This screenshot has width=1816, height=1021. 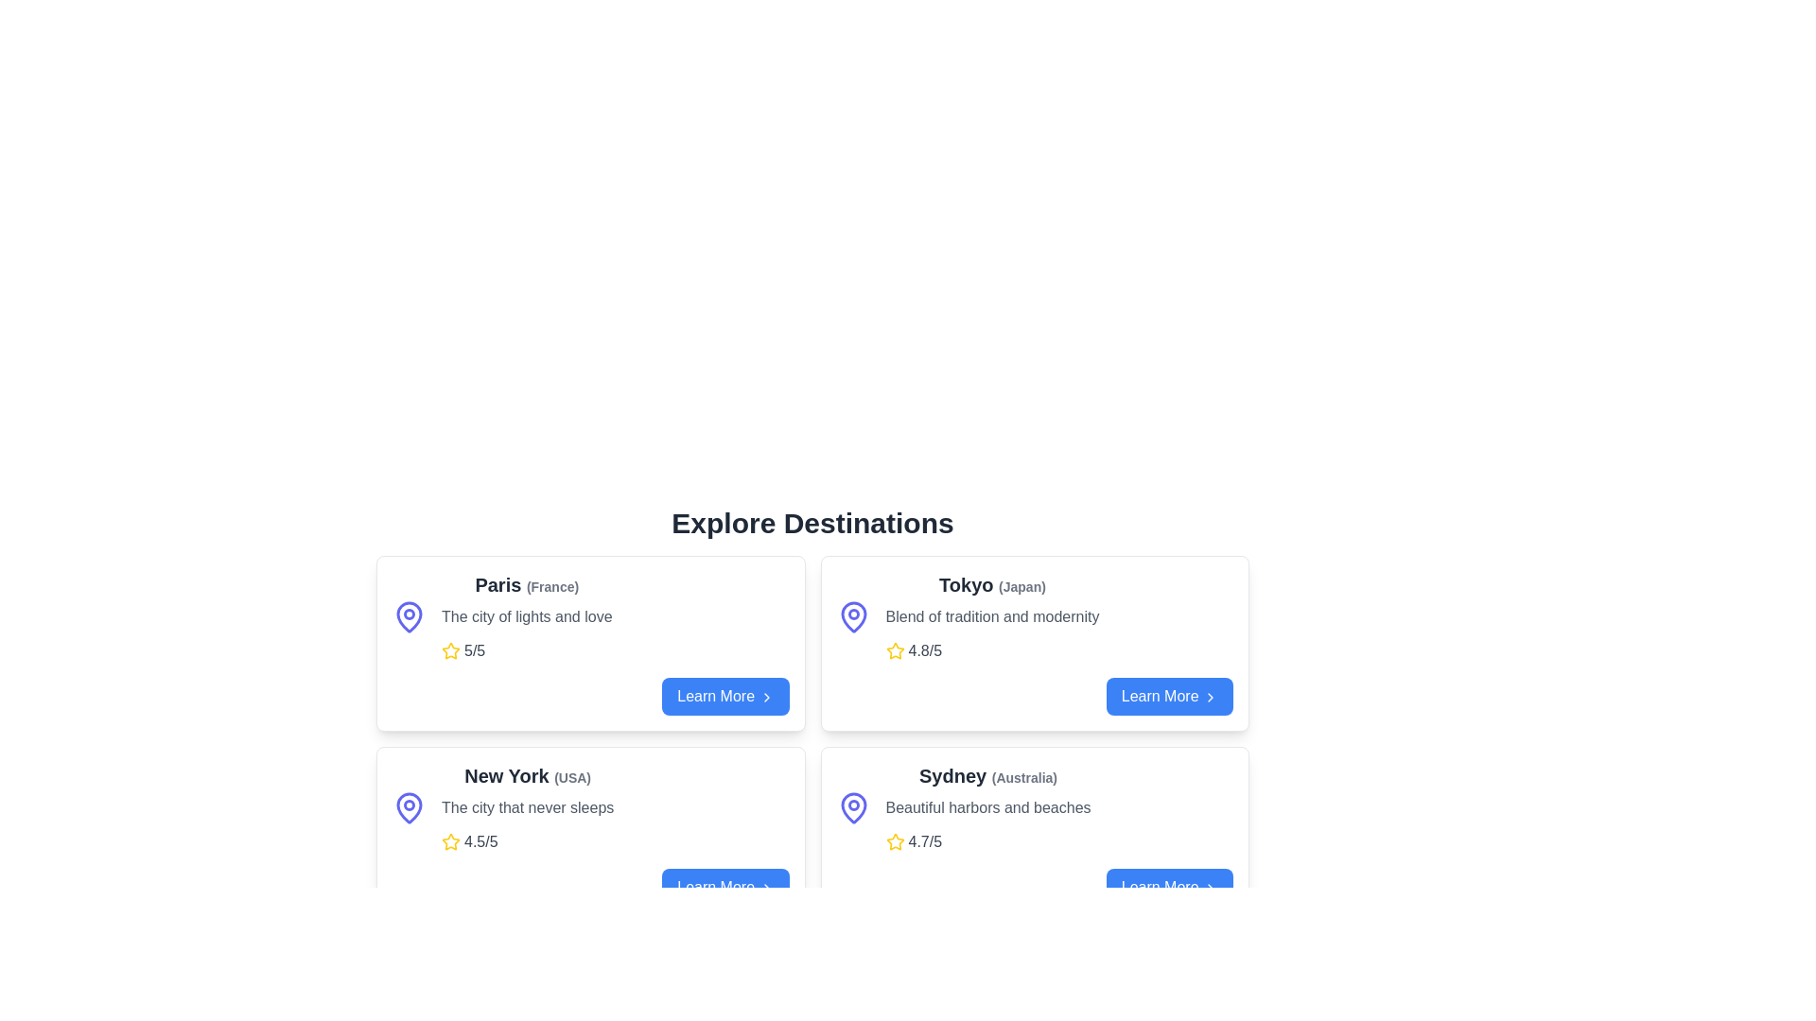 What do you see at coordinates (589, 887) in the screenshot?
I see `the blue 'Learn More' button located in the bottom-right corner of the New York information card` at bounding box center [589, 887].